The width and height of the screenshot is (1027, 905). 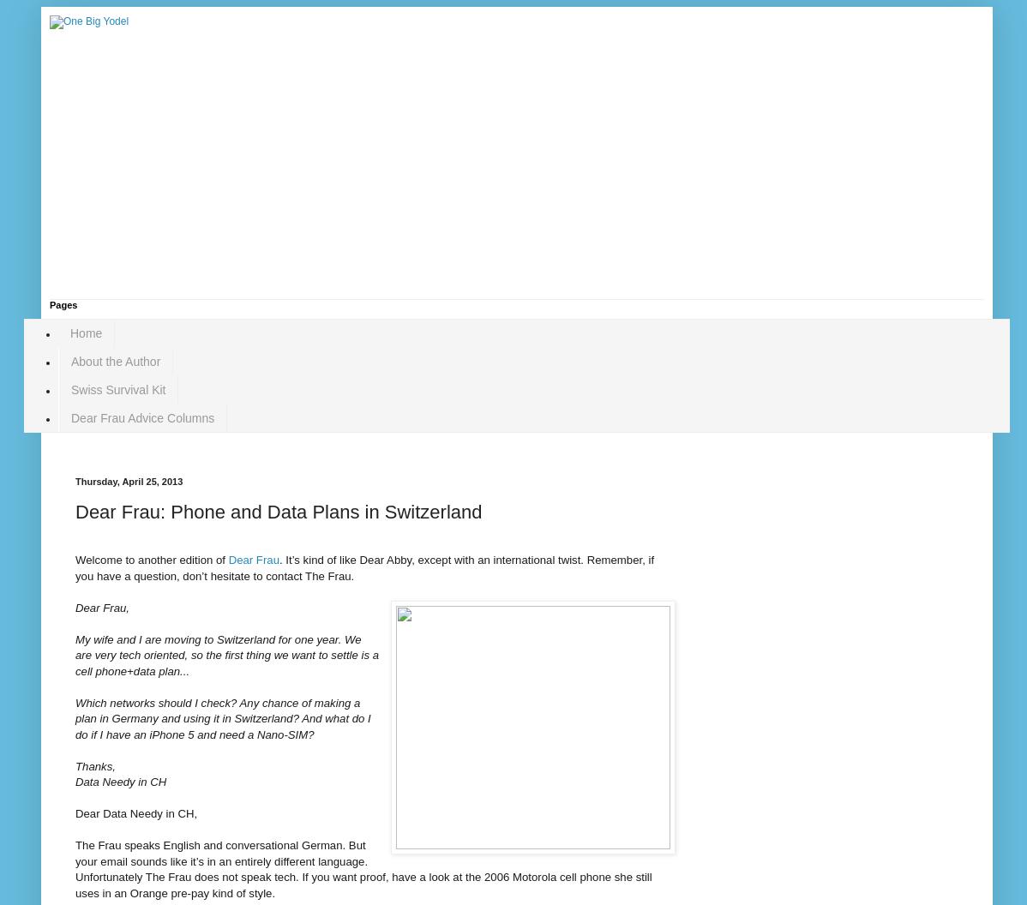 What do you see at coordinates (115, 361) in the screenshot?
I see `'About the Author'` at bounding box center [115, 361].